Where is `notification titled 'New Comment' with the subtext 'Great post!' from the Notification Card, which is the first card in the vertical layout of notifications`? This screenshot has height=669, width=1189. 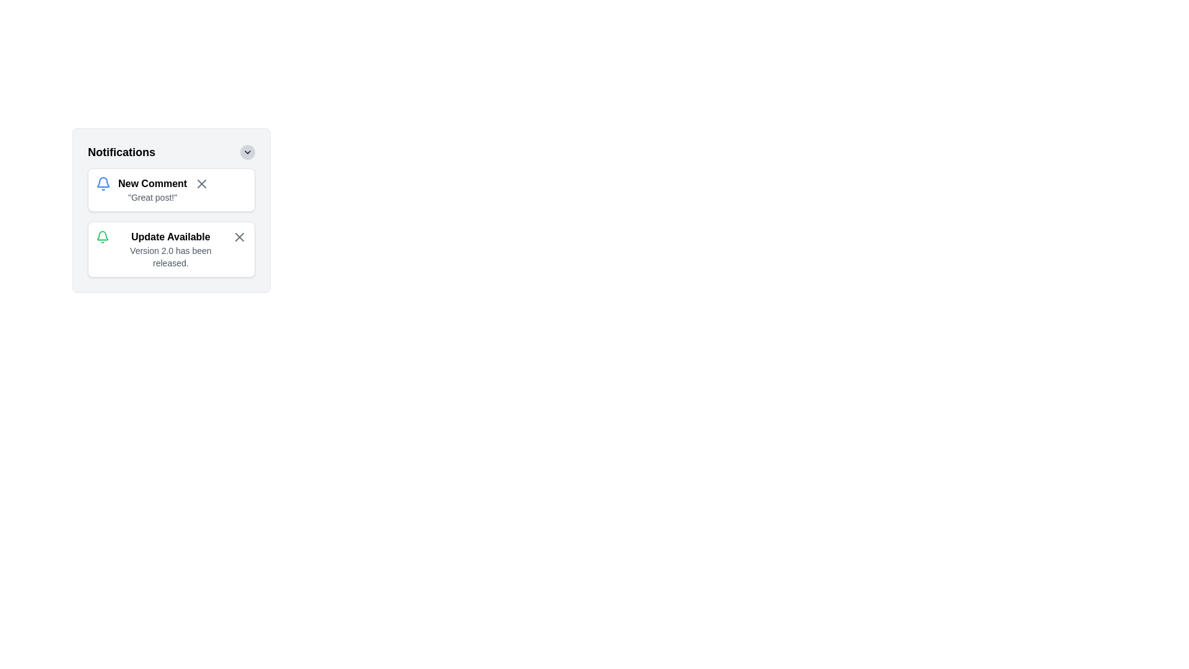
notification titled 'New Comment' with the subtext 'Great post!' from the Notification Card, which is the first card in the vertical layout of notifications is located at coordinates (171, 190).